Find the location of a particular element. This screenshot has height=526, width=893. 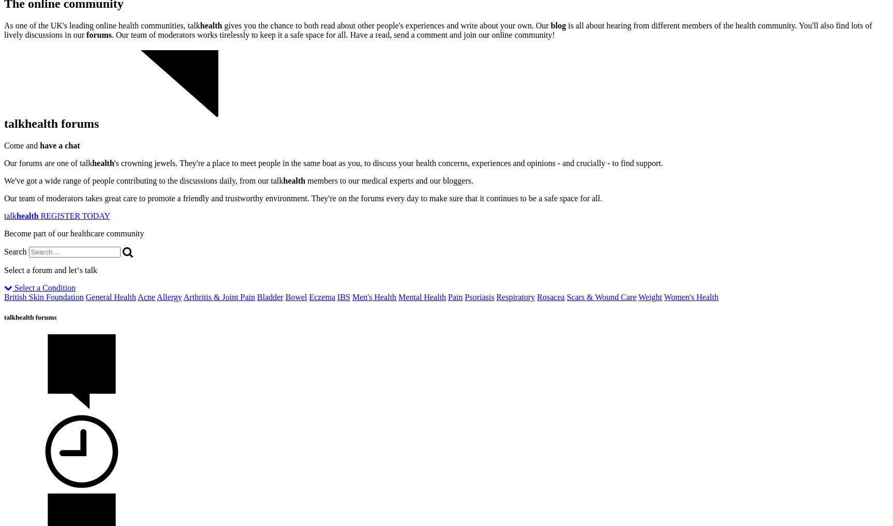

''s crowning jewels. They're a place to meet people in the same boat as you, to discuss your health concerns, experiences and opinions - and crucially - to find support.' is located at coordinates (388, 163).